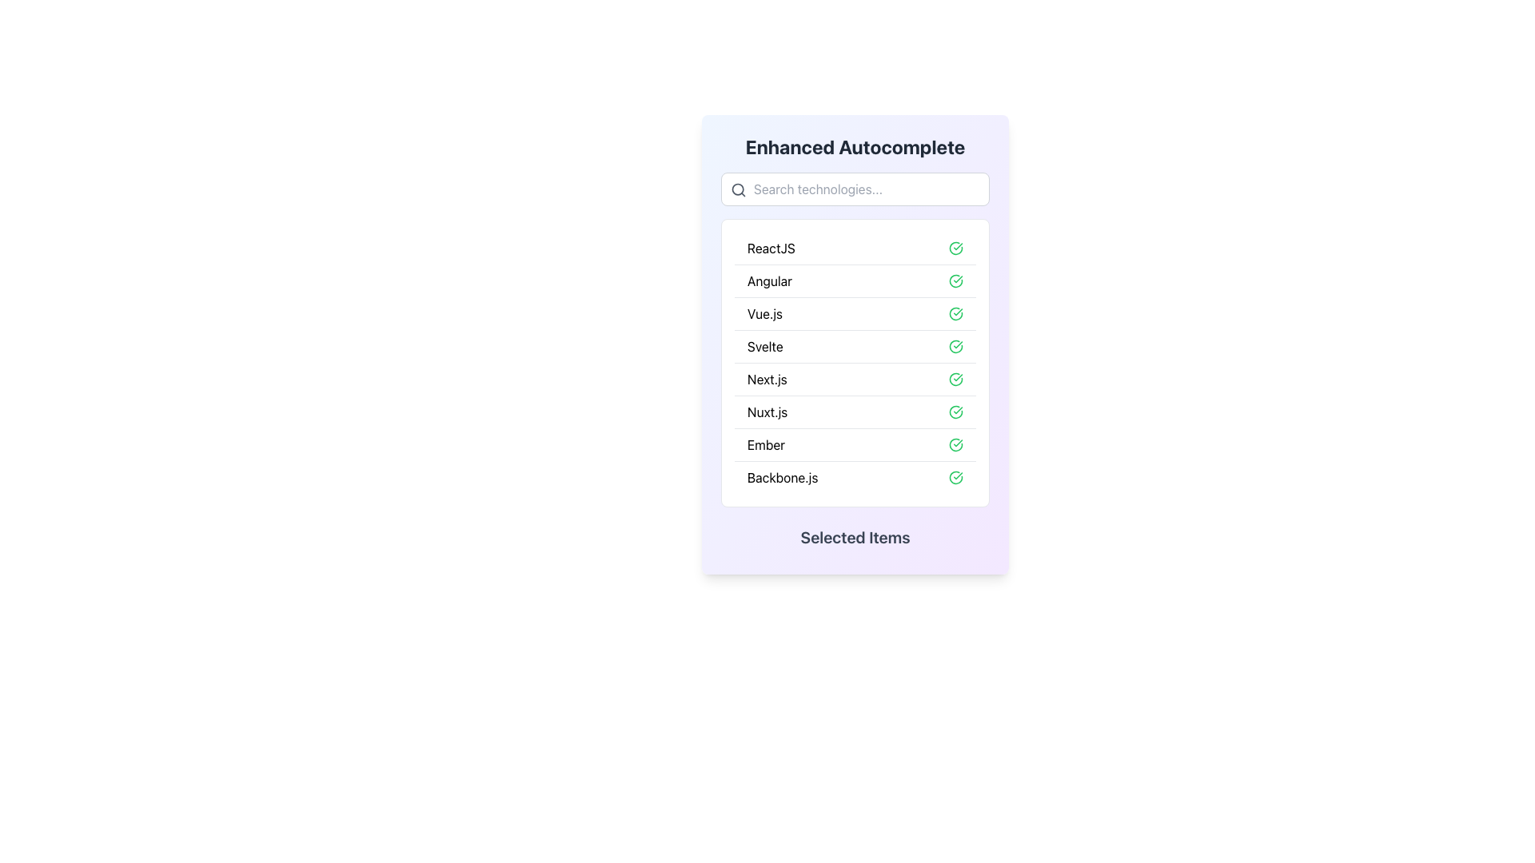  What do you see at coordinates (955, 314) in the screenshot?
I see `the selection indicator icon next to the 'Vue.js' text in the list, which visually acknowledges that the 'Vue.js' item is selected` at bounding box center [955, 314].